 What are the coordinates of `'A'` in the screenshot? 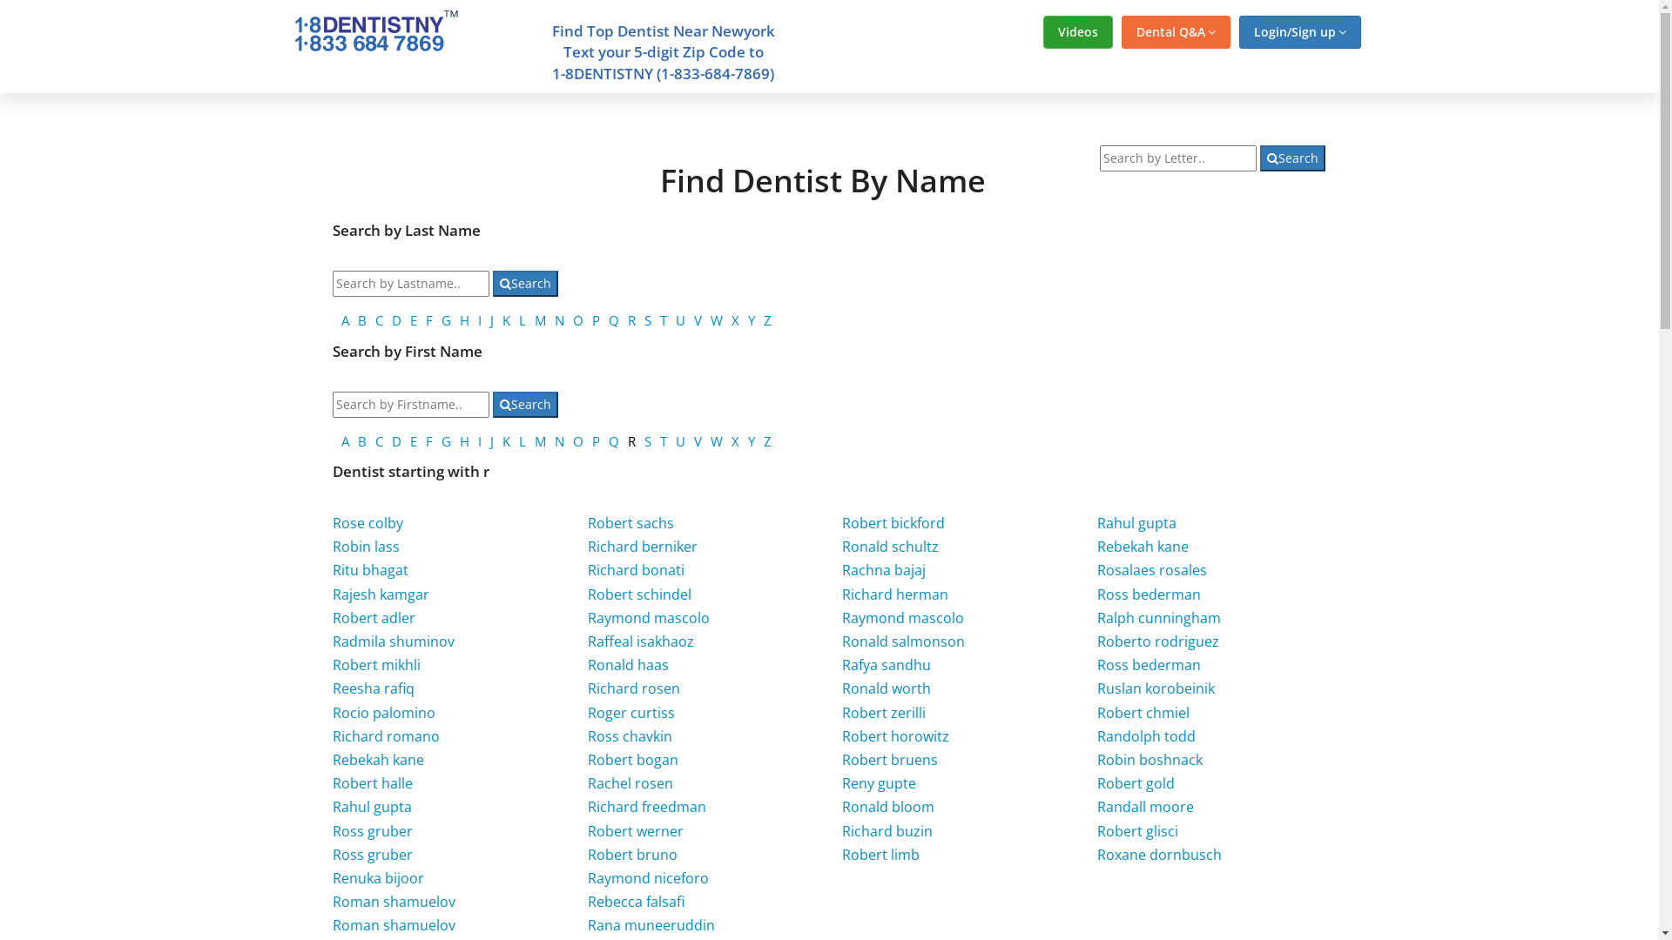 It's located at (345, 440).